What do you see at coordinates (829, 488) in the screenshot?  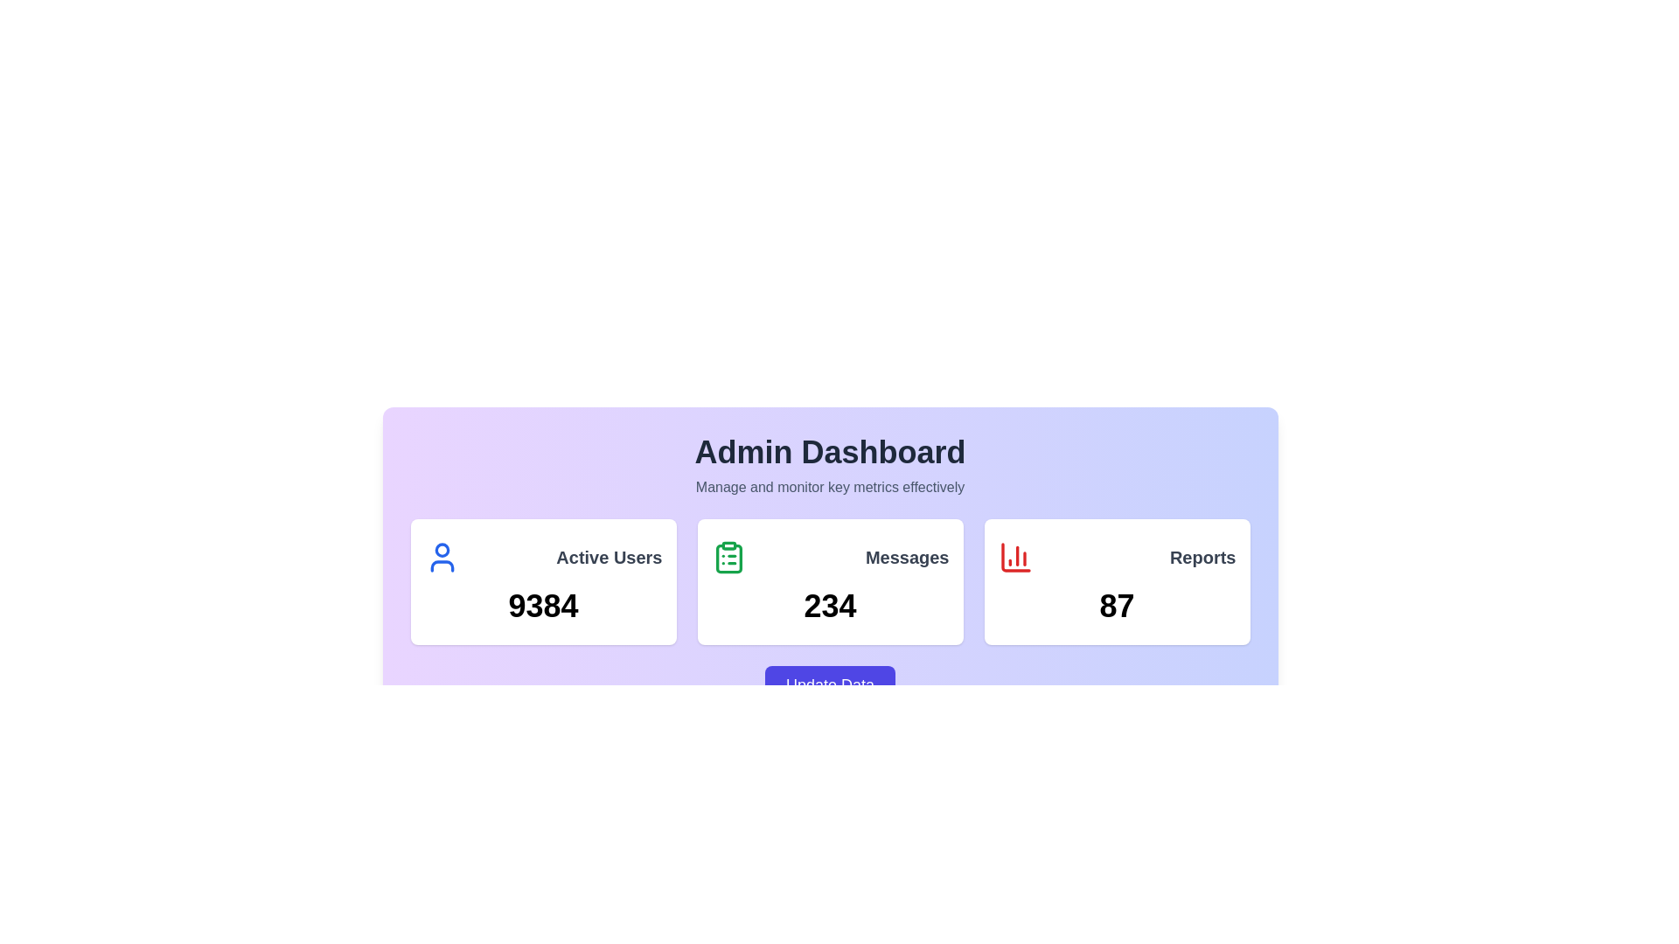 I see `the subtitle or description text located directly below the 'Admin Dashboard' heading, which provides additional context for the heading` at bounding box center [829, 488].